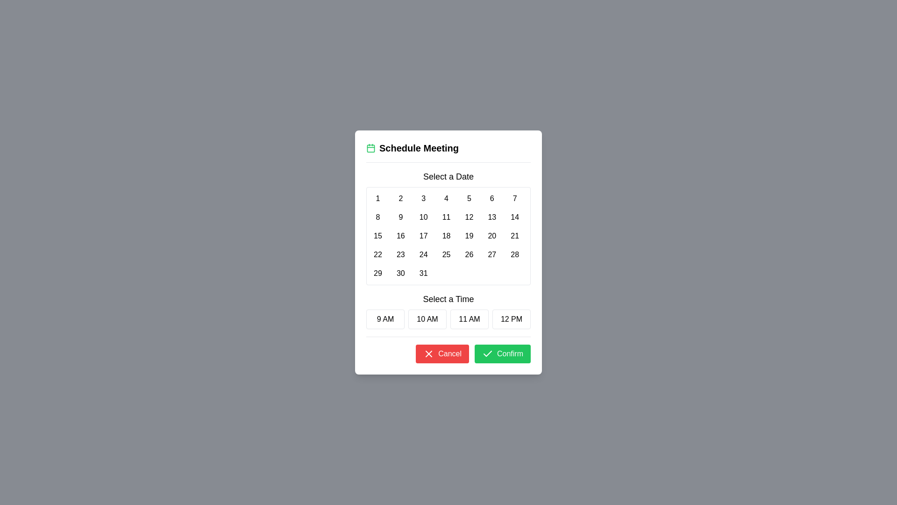 The height and width of the screenshot is (505, 897). What do you see at coordinates (448, 147) in the screenshot?
I see `the header title of the modal dialog that indicates the content and purpose of scheduling a meeting to read more details` at bounding box center [448, 147].